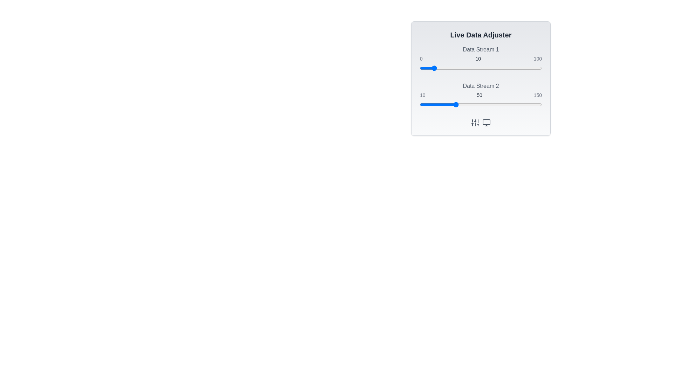 Image resolution: width=673 pixels, height=378 pixels. I want to click on the slider associated with 'Data Stream 1', so click(481, 59).